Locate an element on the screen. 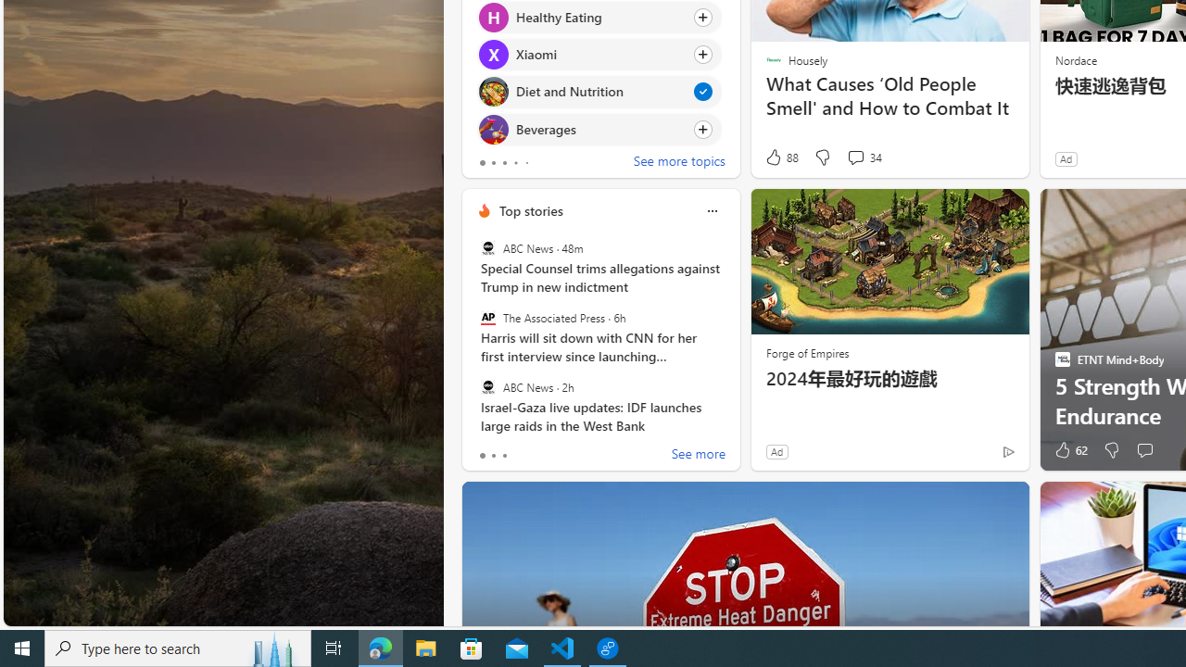  'Dislike' is located at coordinates (1112, 450).